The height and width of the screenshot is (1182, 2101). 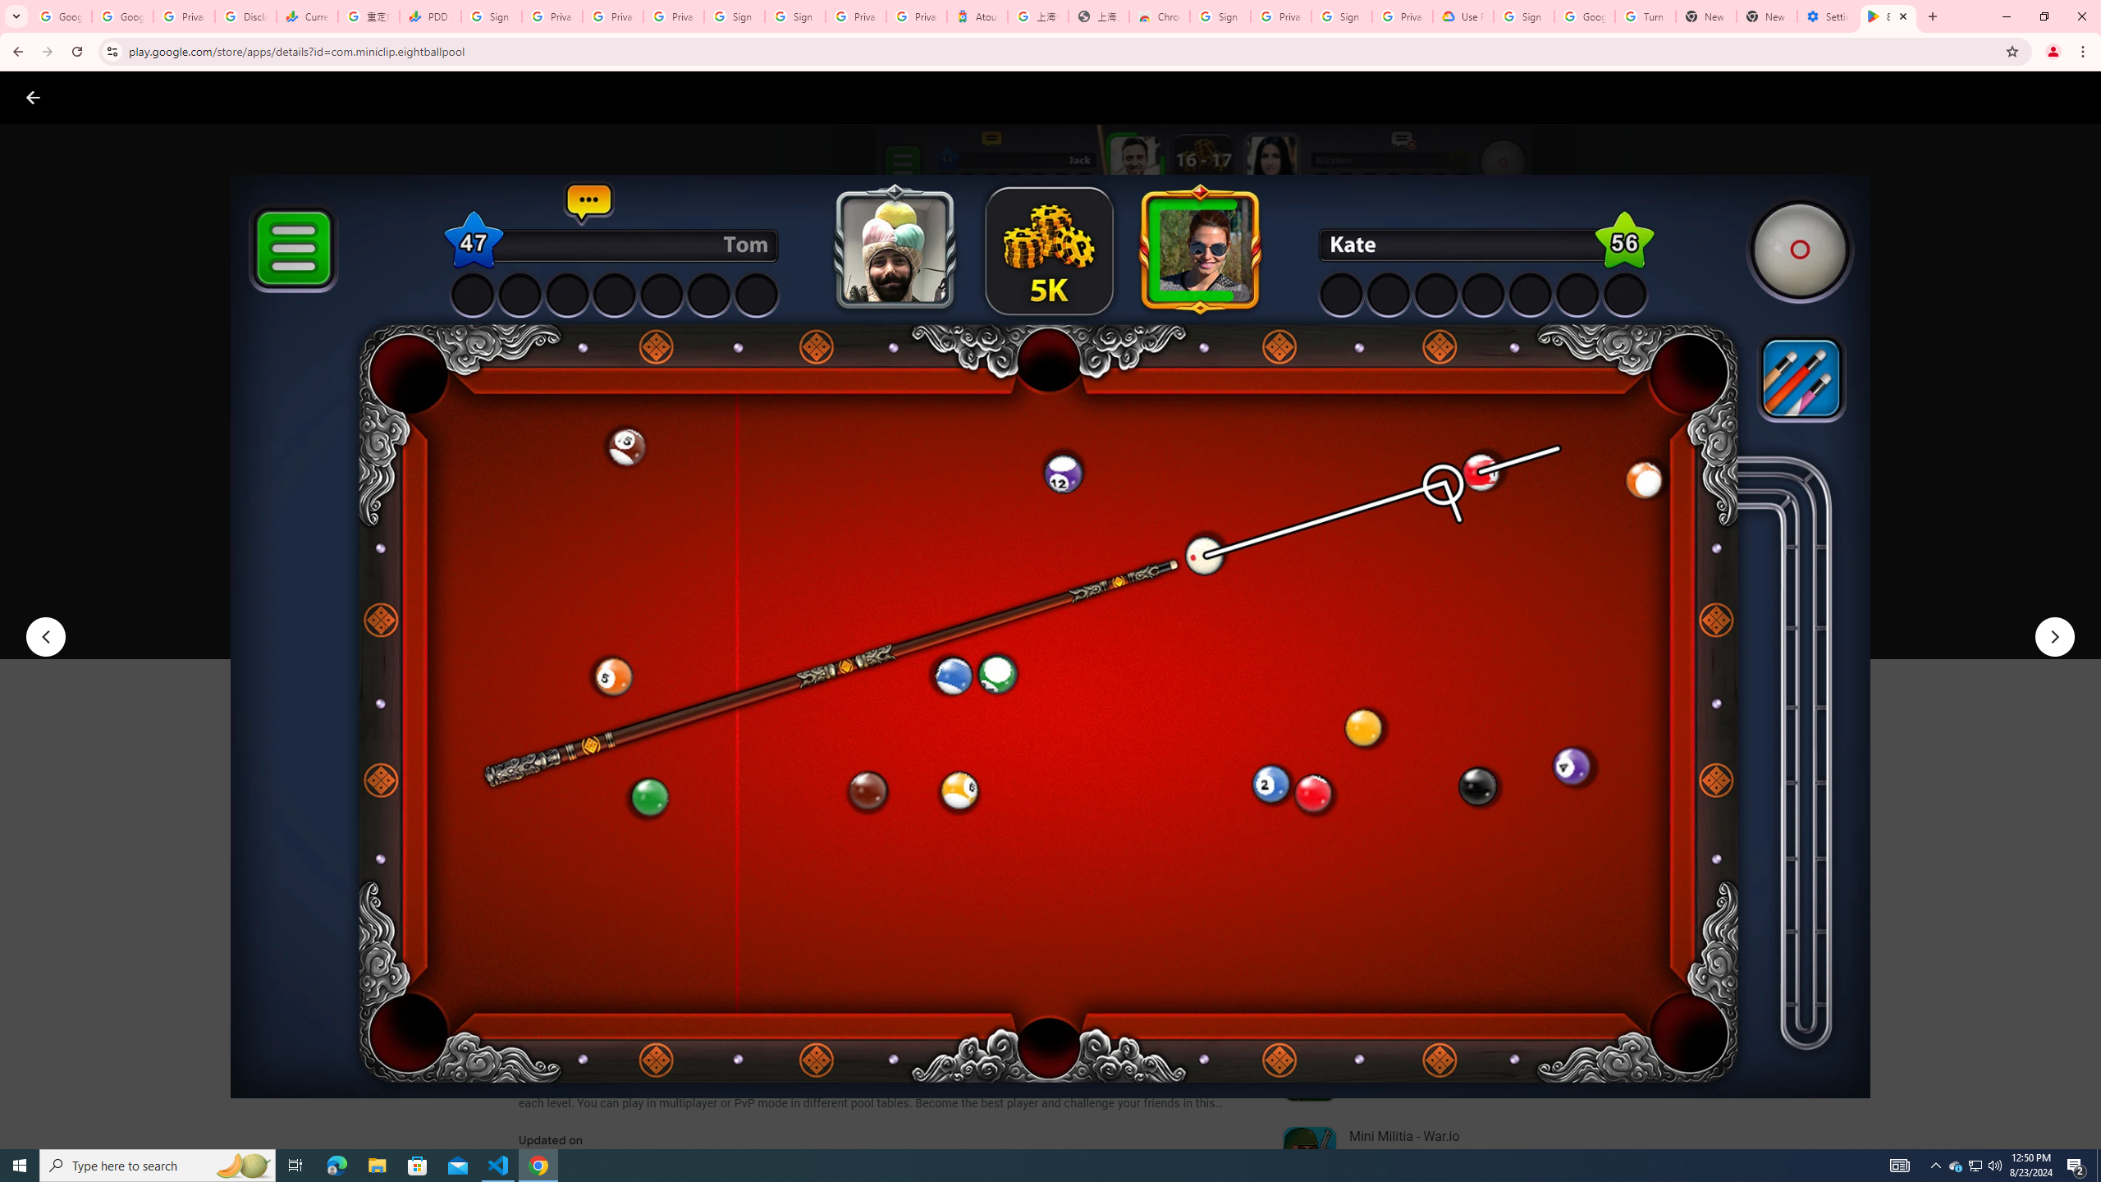 What do you see at coordinates (977, 16) in the screenshot?
I see `'Atour Hotel - Google hotels'` at bounding box center [977, 16].